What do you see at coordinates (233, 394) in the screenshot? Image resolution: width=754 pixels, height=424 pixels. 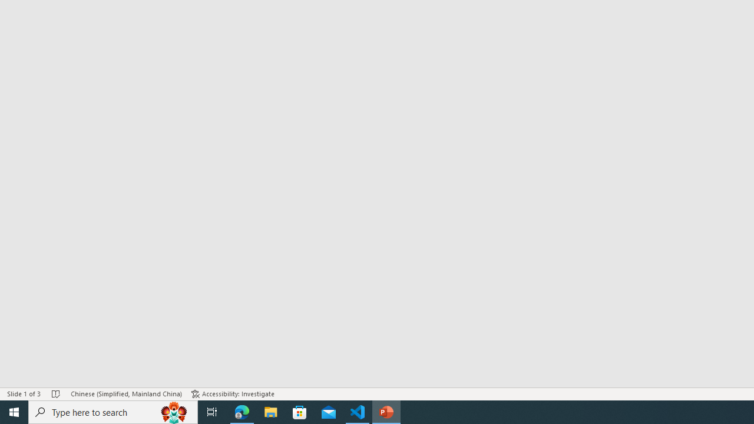 I see `'Accessibility Checker Accessibility: Investigate'` at bounding box center [233, 394].